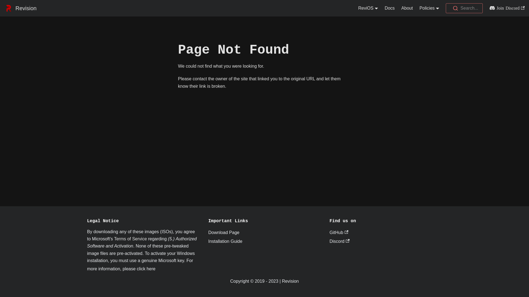 The width and height of the screenshot is (529, 297). What do you see at coordinates (130, 238) in the screenshot?
I see `'Terms of Service'` at bounding box center [130, 238].